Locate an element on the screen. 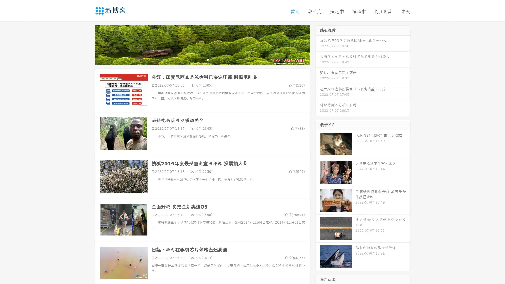 The height and width of the screenshot is (284, 505). Go to slide 1 is located at coordinates (197, 59).